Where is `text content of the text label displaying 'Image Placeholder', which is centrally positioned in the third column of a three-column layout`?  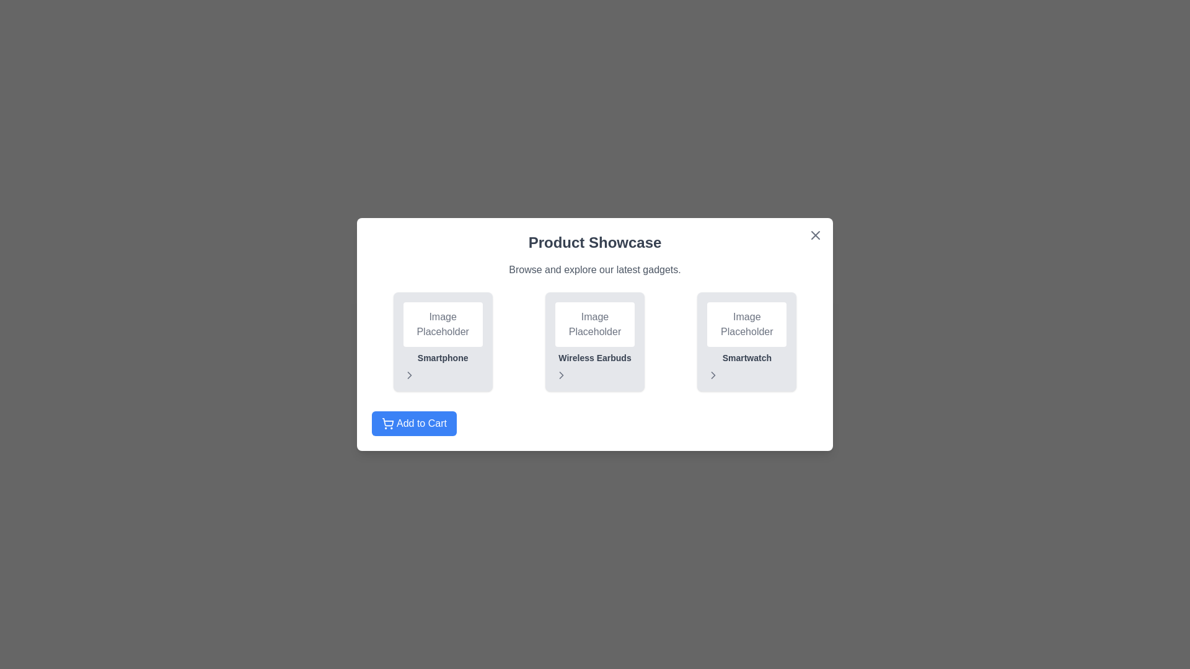 text content of the text label displaying 'Image Placeholder', which is centrally positioned in the third column of a three-column layout is located at coordinates (746, 324).